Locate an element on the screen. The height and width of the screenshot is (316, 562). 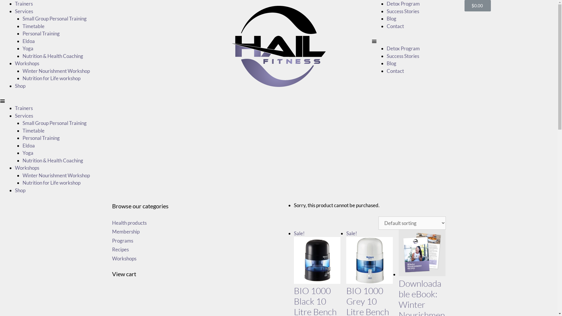
'Shop' is located at coordinates (15, 190).